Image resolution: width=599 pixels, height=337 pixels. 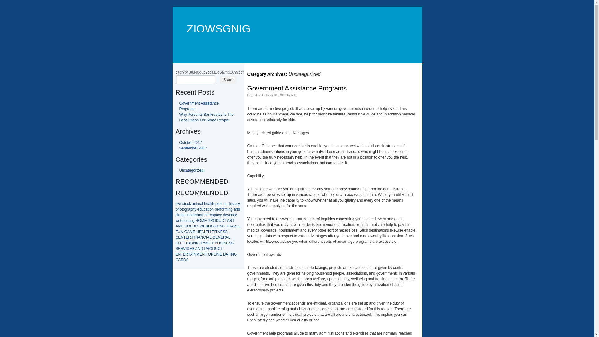 What do you see at coordinates (212, 248) in the screenshot?
I see `'D'` at bounding box center [212, 248].